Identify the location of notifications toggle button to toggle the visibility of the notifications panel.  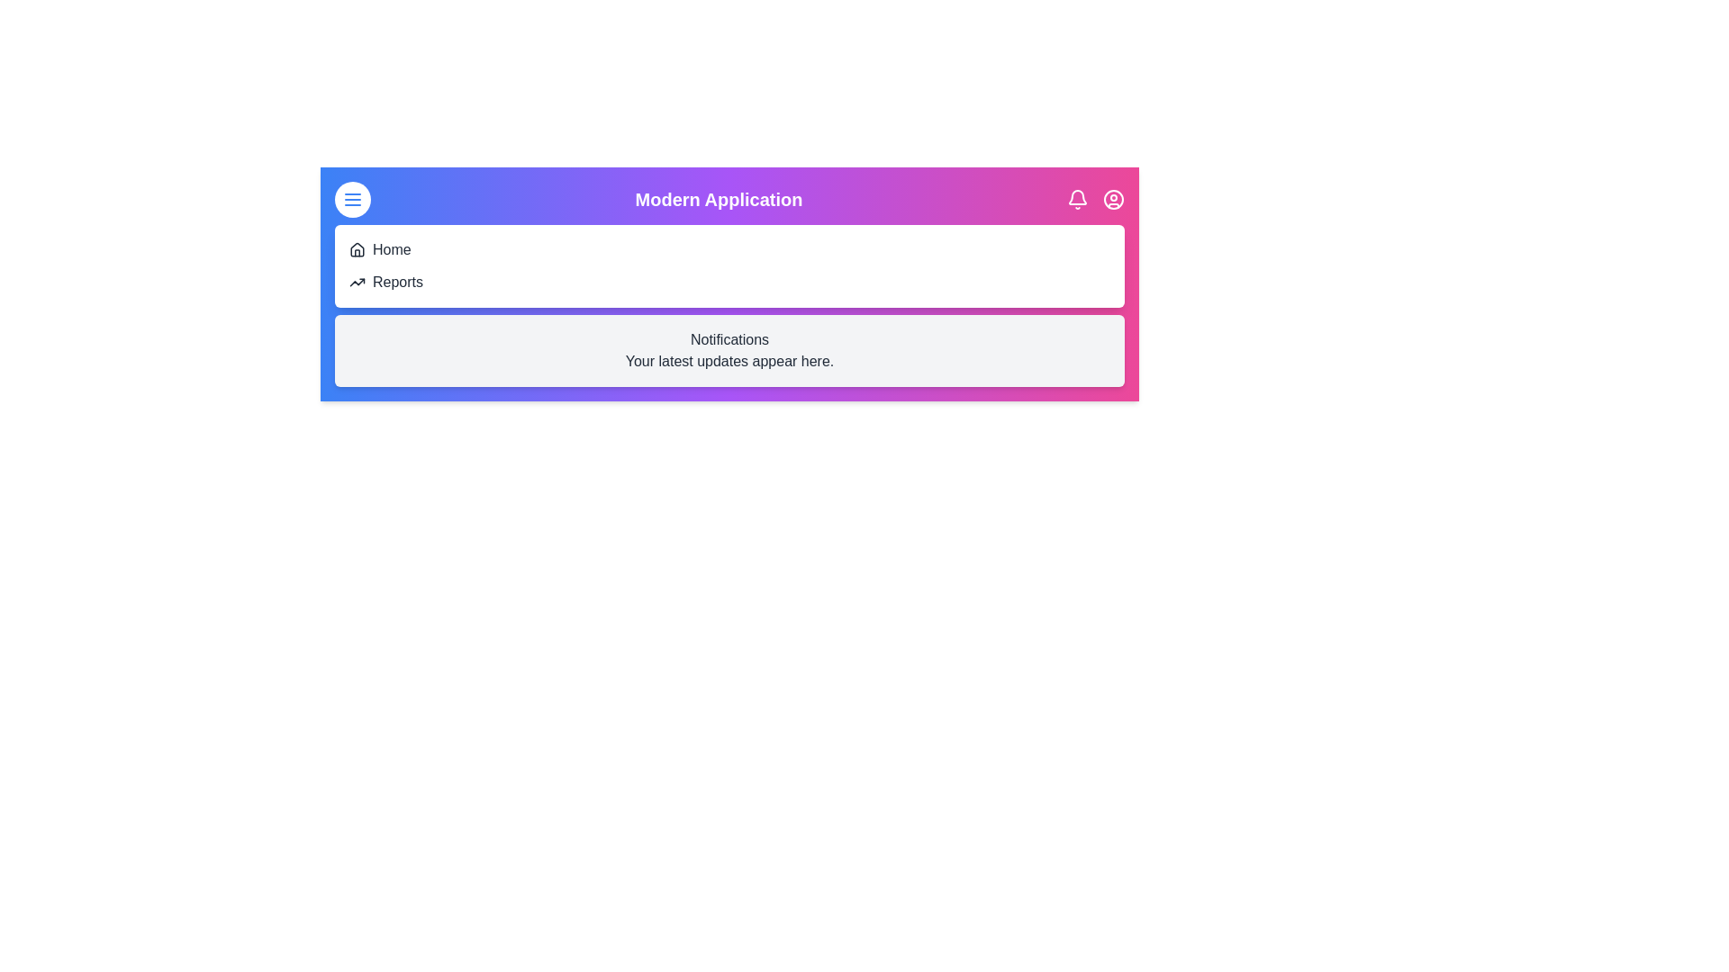
(1077, 200).